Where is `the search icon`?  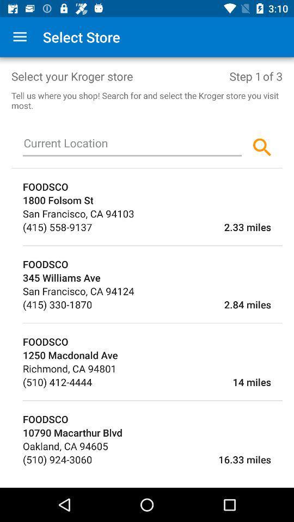
the search icon is located at coordinates (261, 147).